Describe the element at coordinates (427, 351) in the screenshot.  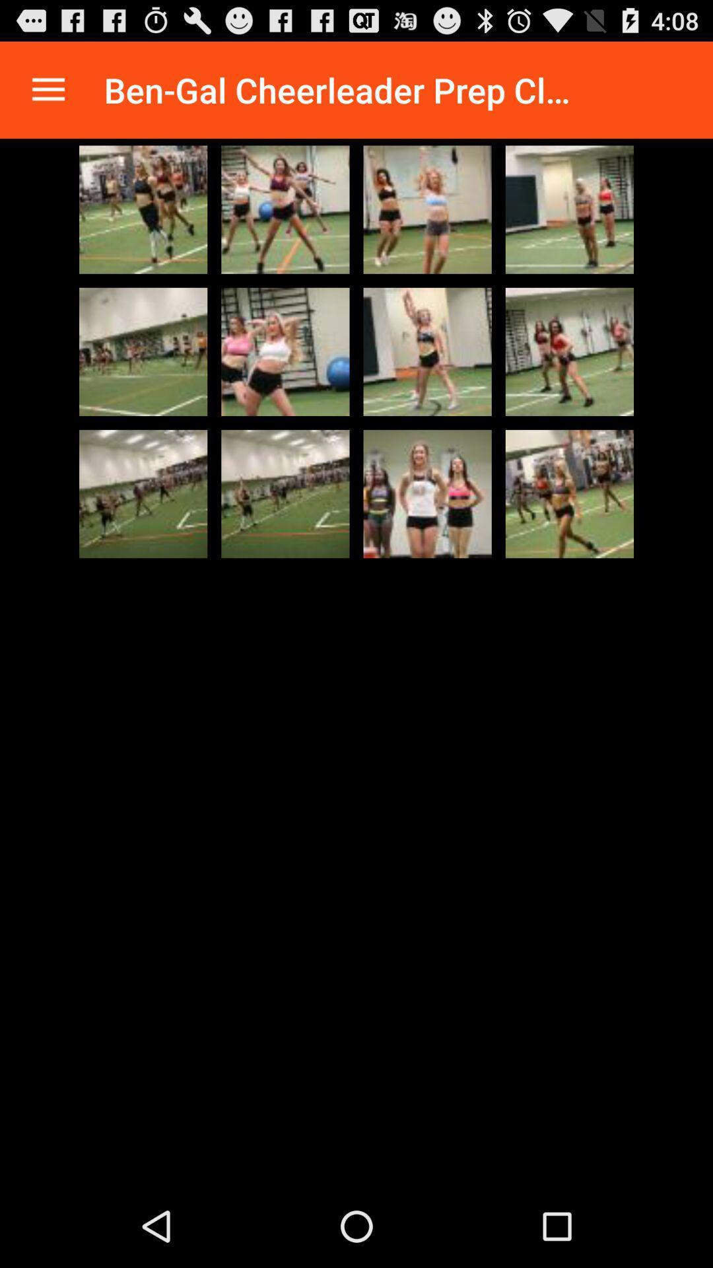
I see `open image` at that location.